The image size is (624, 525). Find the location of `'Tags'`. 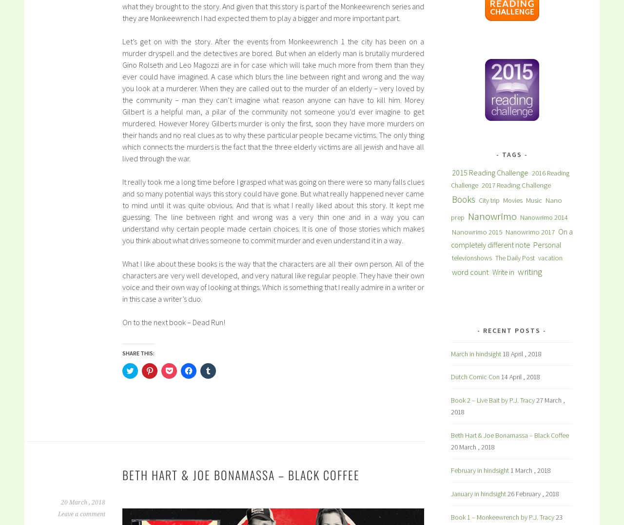

'Tags' is located at coordinates (511, 154).